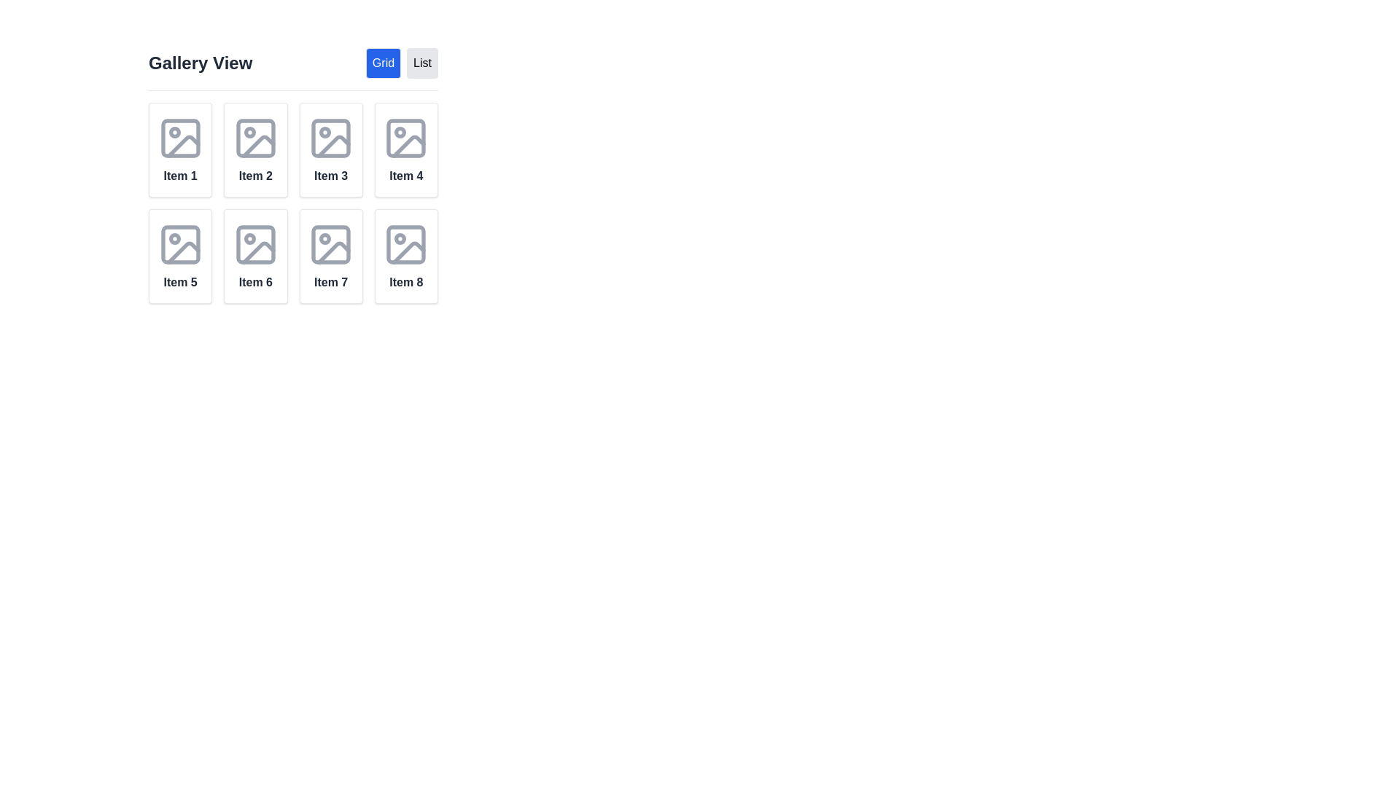 This screenshot has height=787, width=1400. I want to click on the graphical frame element within the SVG icon located in the third grid item of the gallery view, so click(330, 138).